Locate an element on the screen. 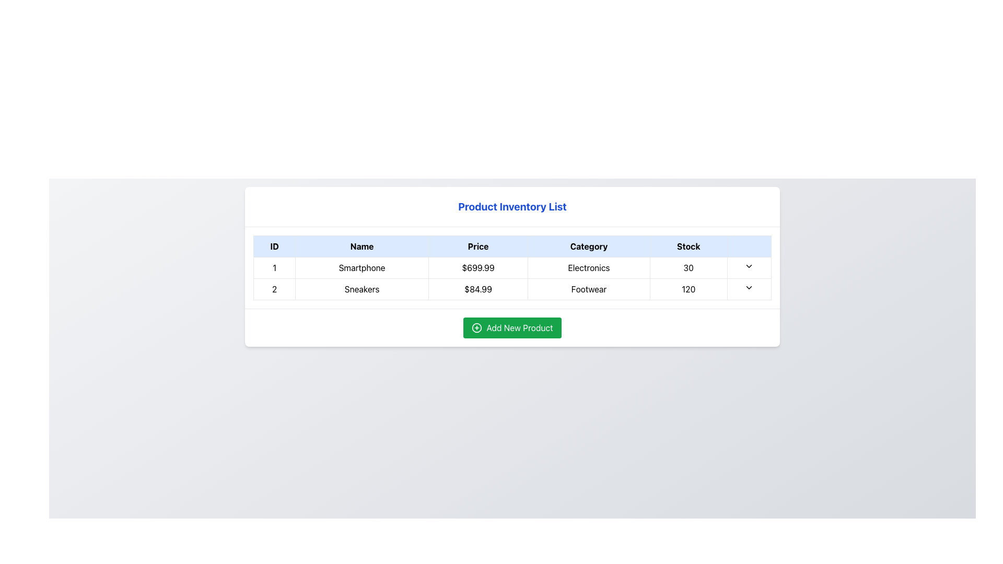 The height and width of the screenshot is (564, 1003). the dropdown toggle arrow icon button located in the 'Stock' column of the second row in the product inventory list table under the 'Footwear' category is located at coordinates (749, 288).